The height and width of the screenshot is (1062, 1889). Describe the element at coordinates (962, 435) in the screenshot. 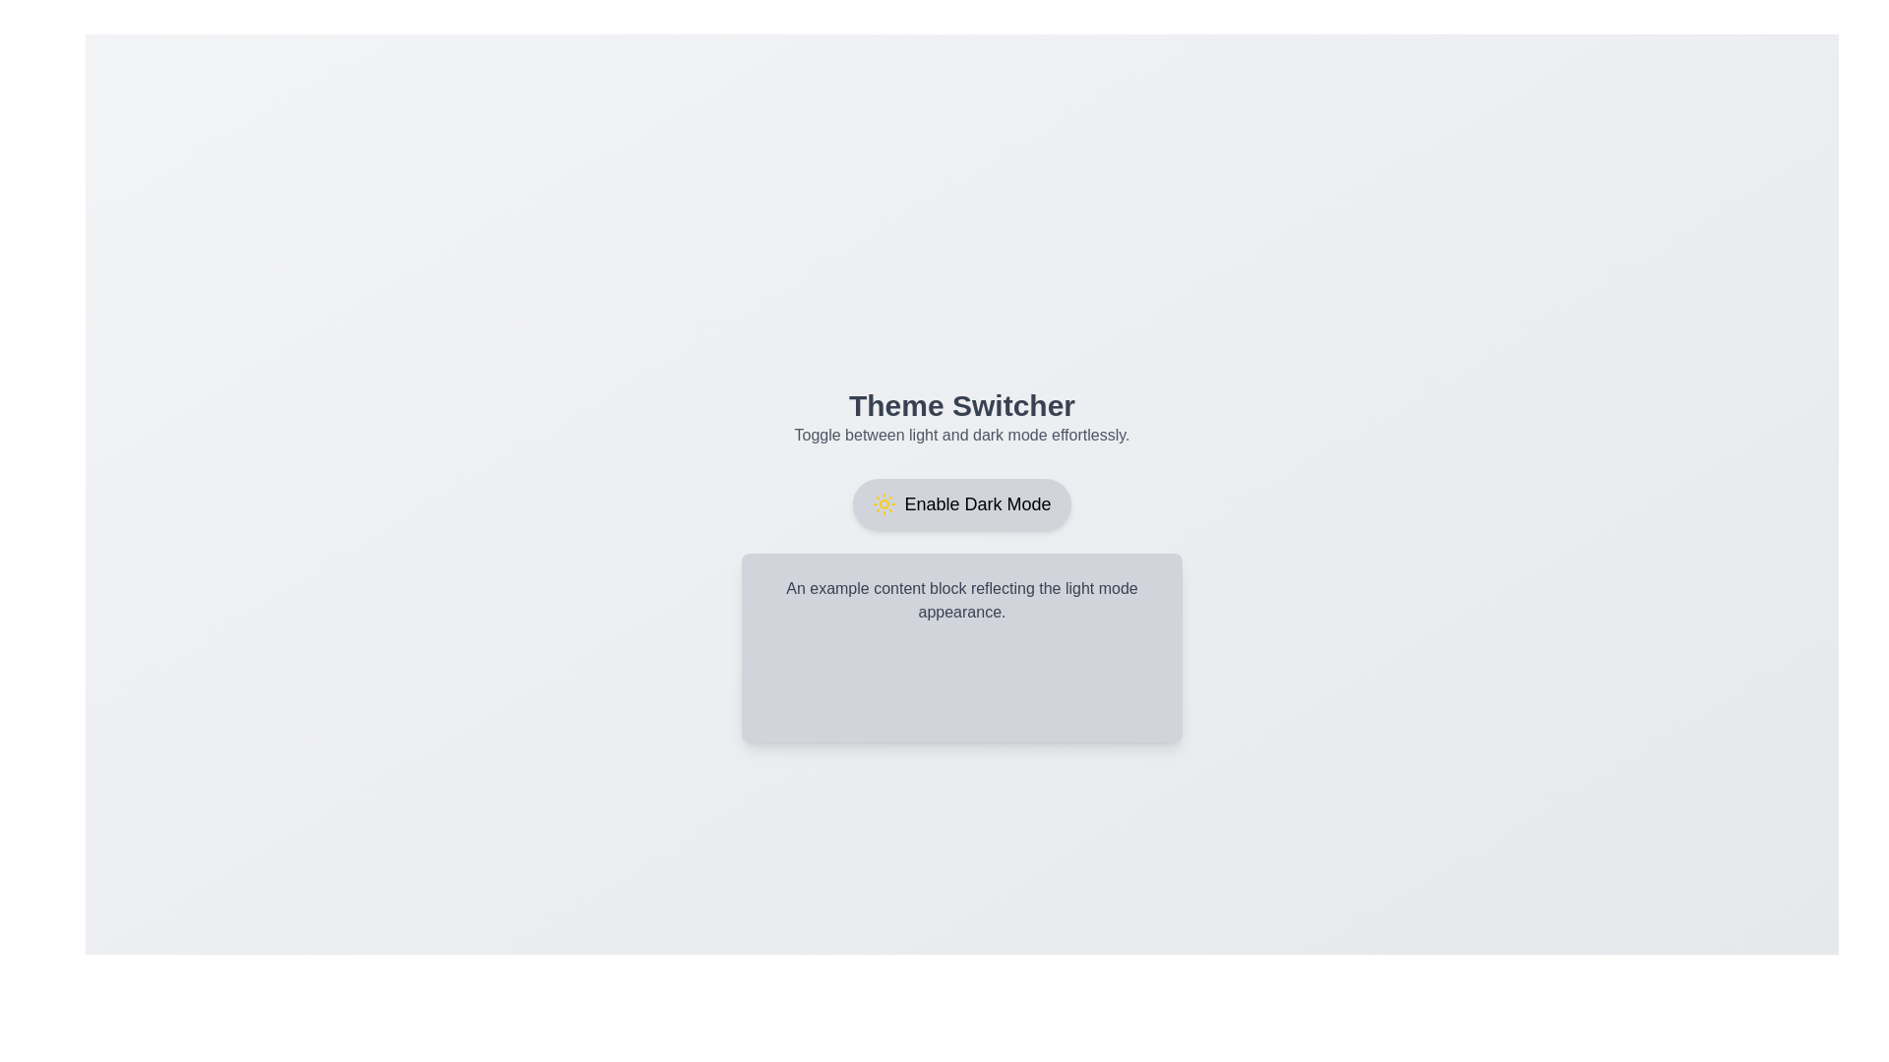

I see `the static text label reading 'Toggle between light and dark mode effortlessly.' which is positioned below the title 'Theme Switcher'` at that location.